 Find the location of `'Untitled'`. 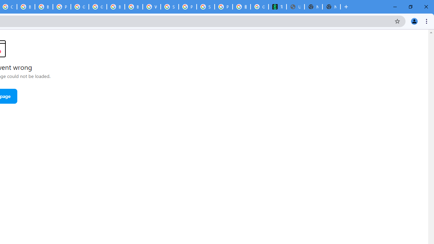

'Untitled' is located at coordinates (295, 7).